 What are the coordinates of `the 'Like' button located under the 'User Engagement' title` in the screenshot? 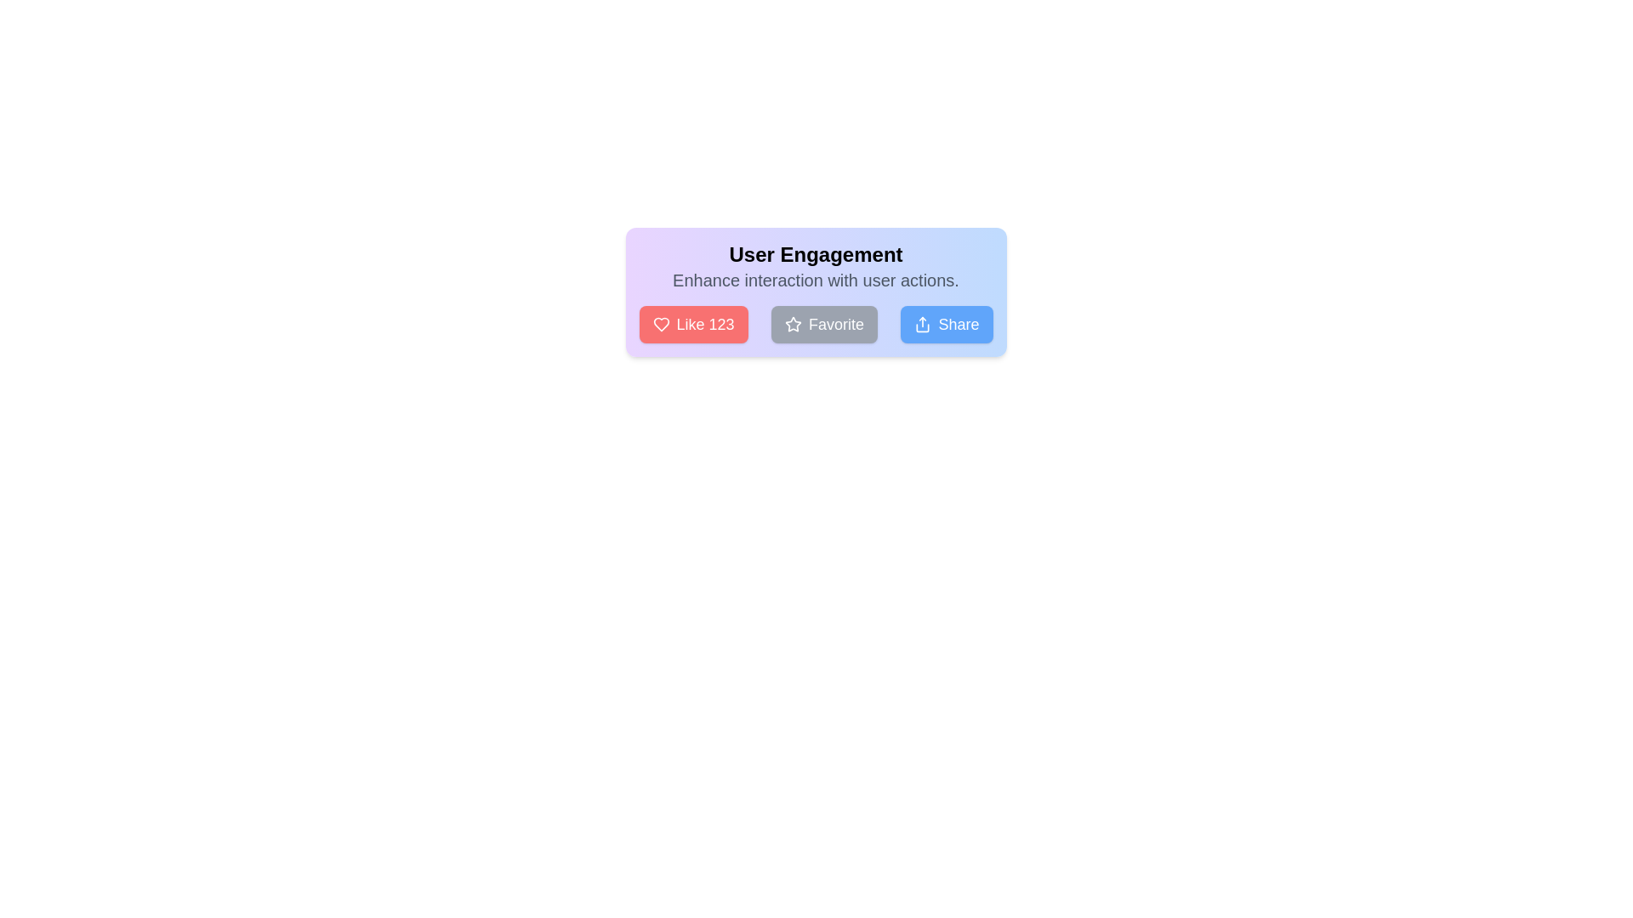 It's located at (693, 324).